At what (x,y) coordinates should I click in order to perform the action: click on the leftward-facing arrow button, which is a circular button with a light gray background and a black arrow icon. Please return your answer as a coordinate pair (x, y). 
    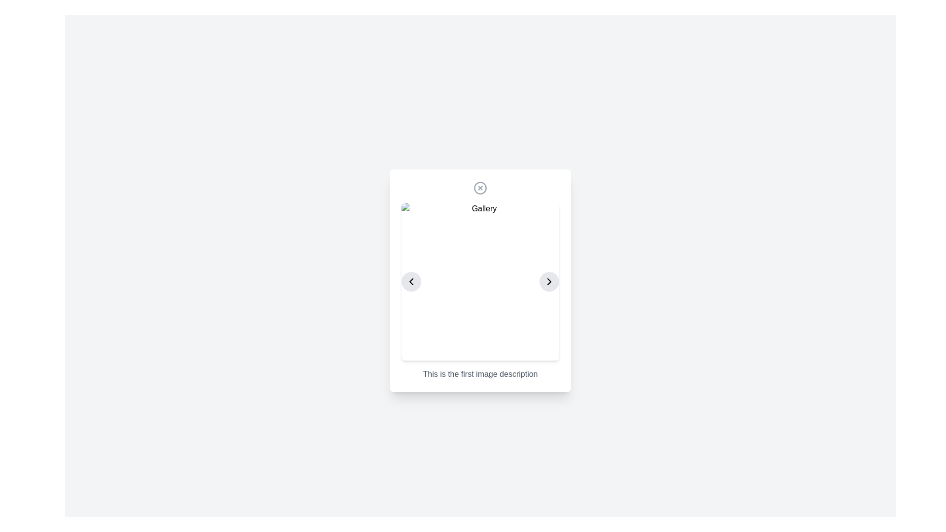
    Looking at the image, I should click on (411, 281).